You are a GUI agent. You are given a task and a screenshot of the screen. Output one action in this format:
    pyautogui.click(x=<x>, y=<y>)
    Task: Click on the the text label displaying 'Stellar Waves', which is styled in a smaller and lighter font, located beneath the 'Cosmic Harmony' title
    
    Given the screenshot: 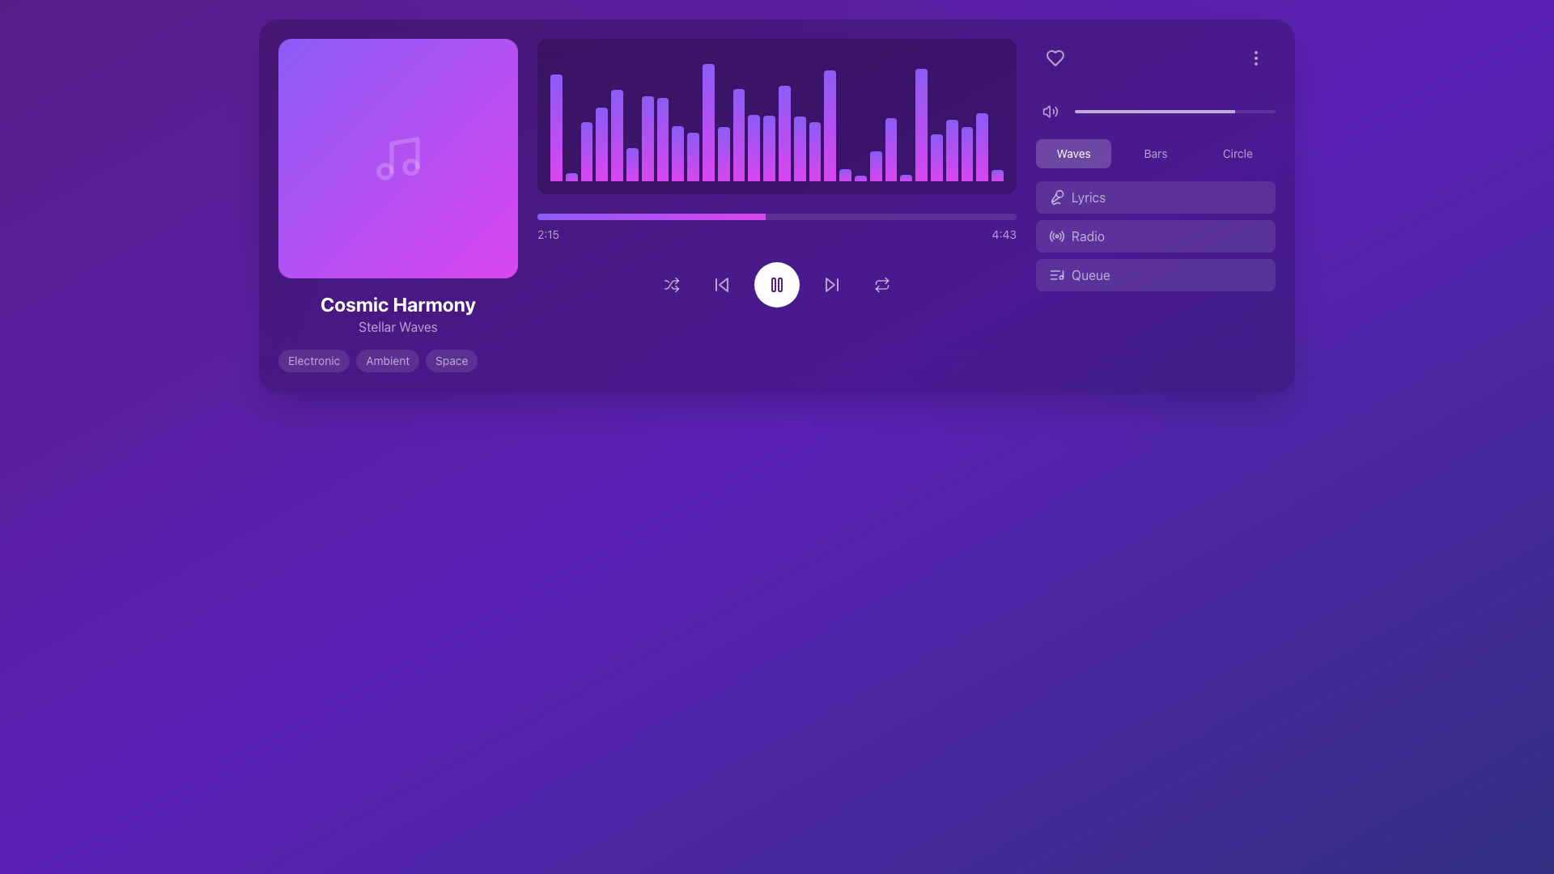 What is the action you would take?
    pyautogui.click(x=397, y=327)
    